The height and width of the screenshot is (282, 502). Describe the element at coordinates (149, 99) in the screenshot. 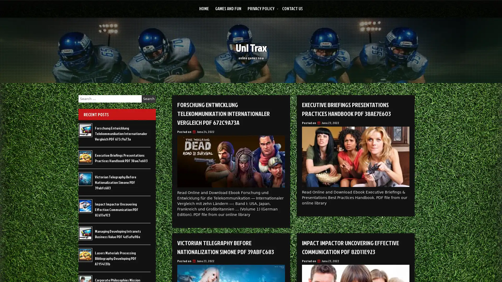

I see `Search` at that location.